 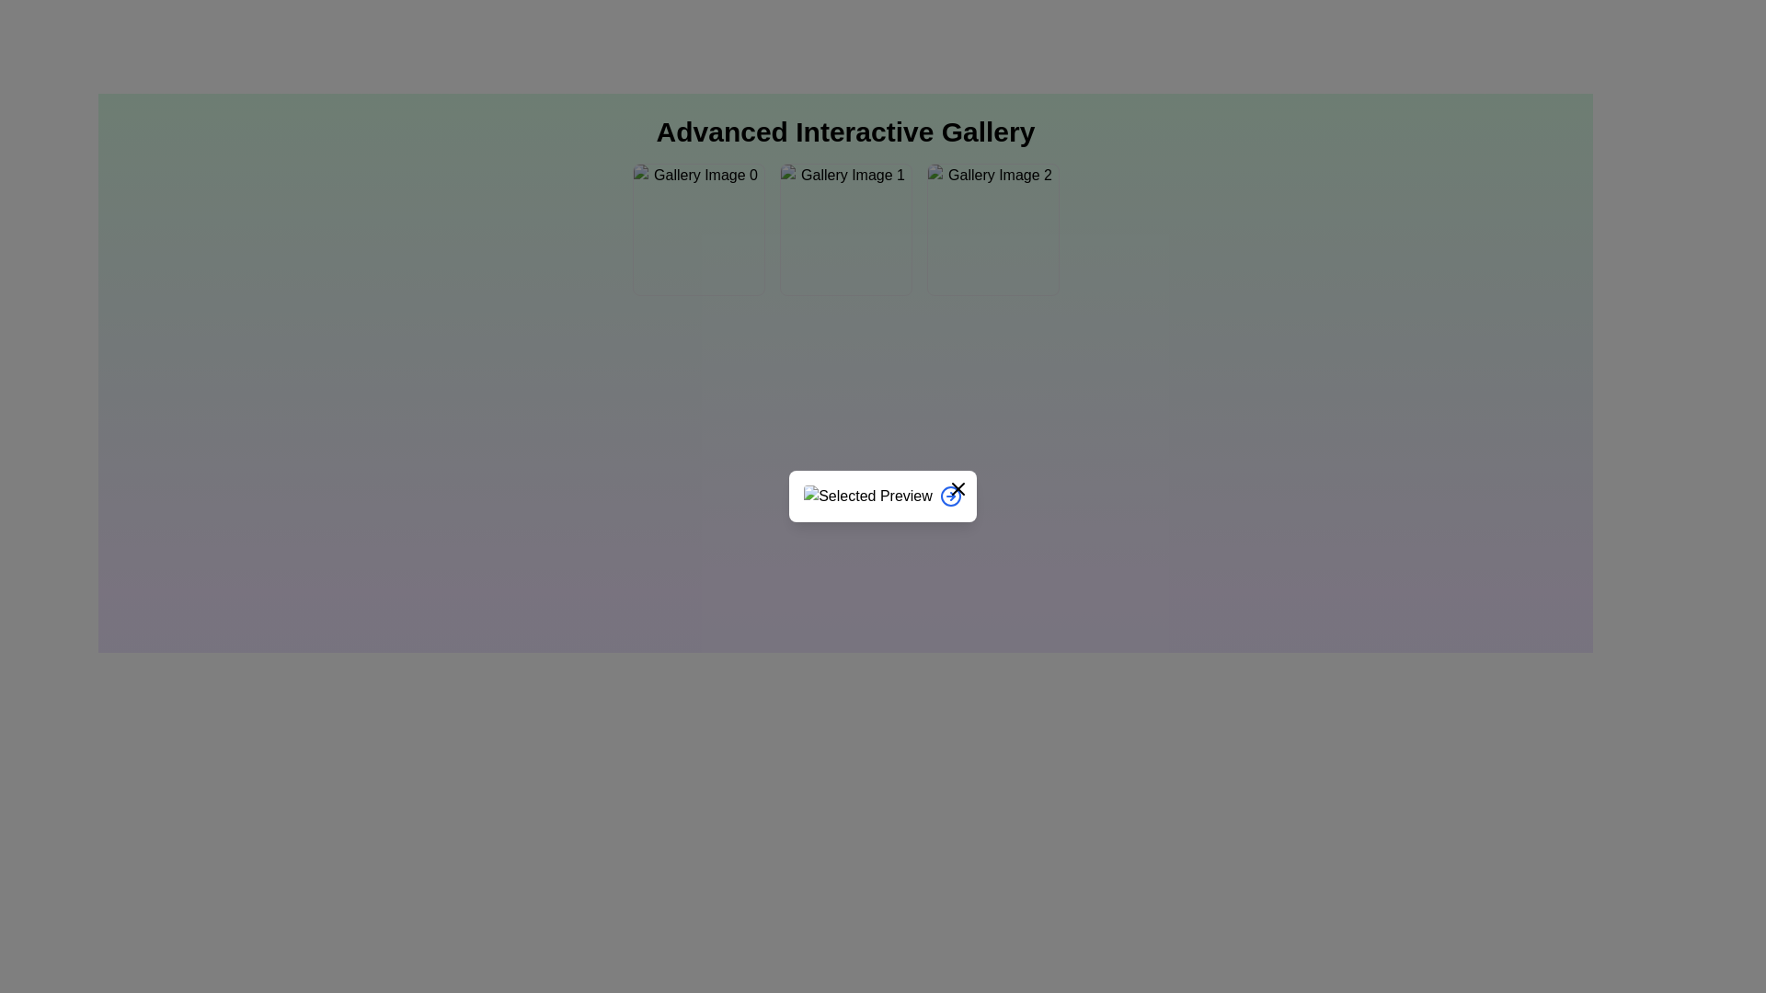 What do you see at coordinates (992, 229) in the screenshot?
I see `the square image button with a blue rounded rectangular border` at bounding box center [992, 229].